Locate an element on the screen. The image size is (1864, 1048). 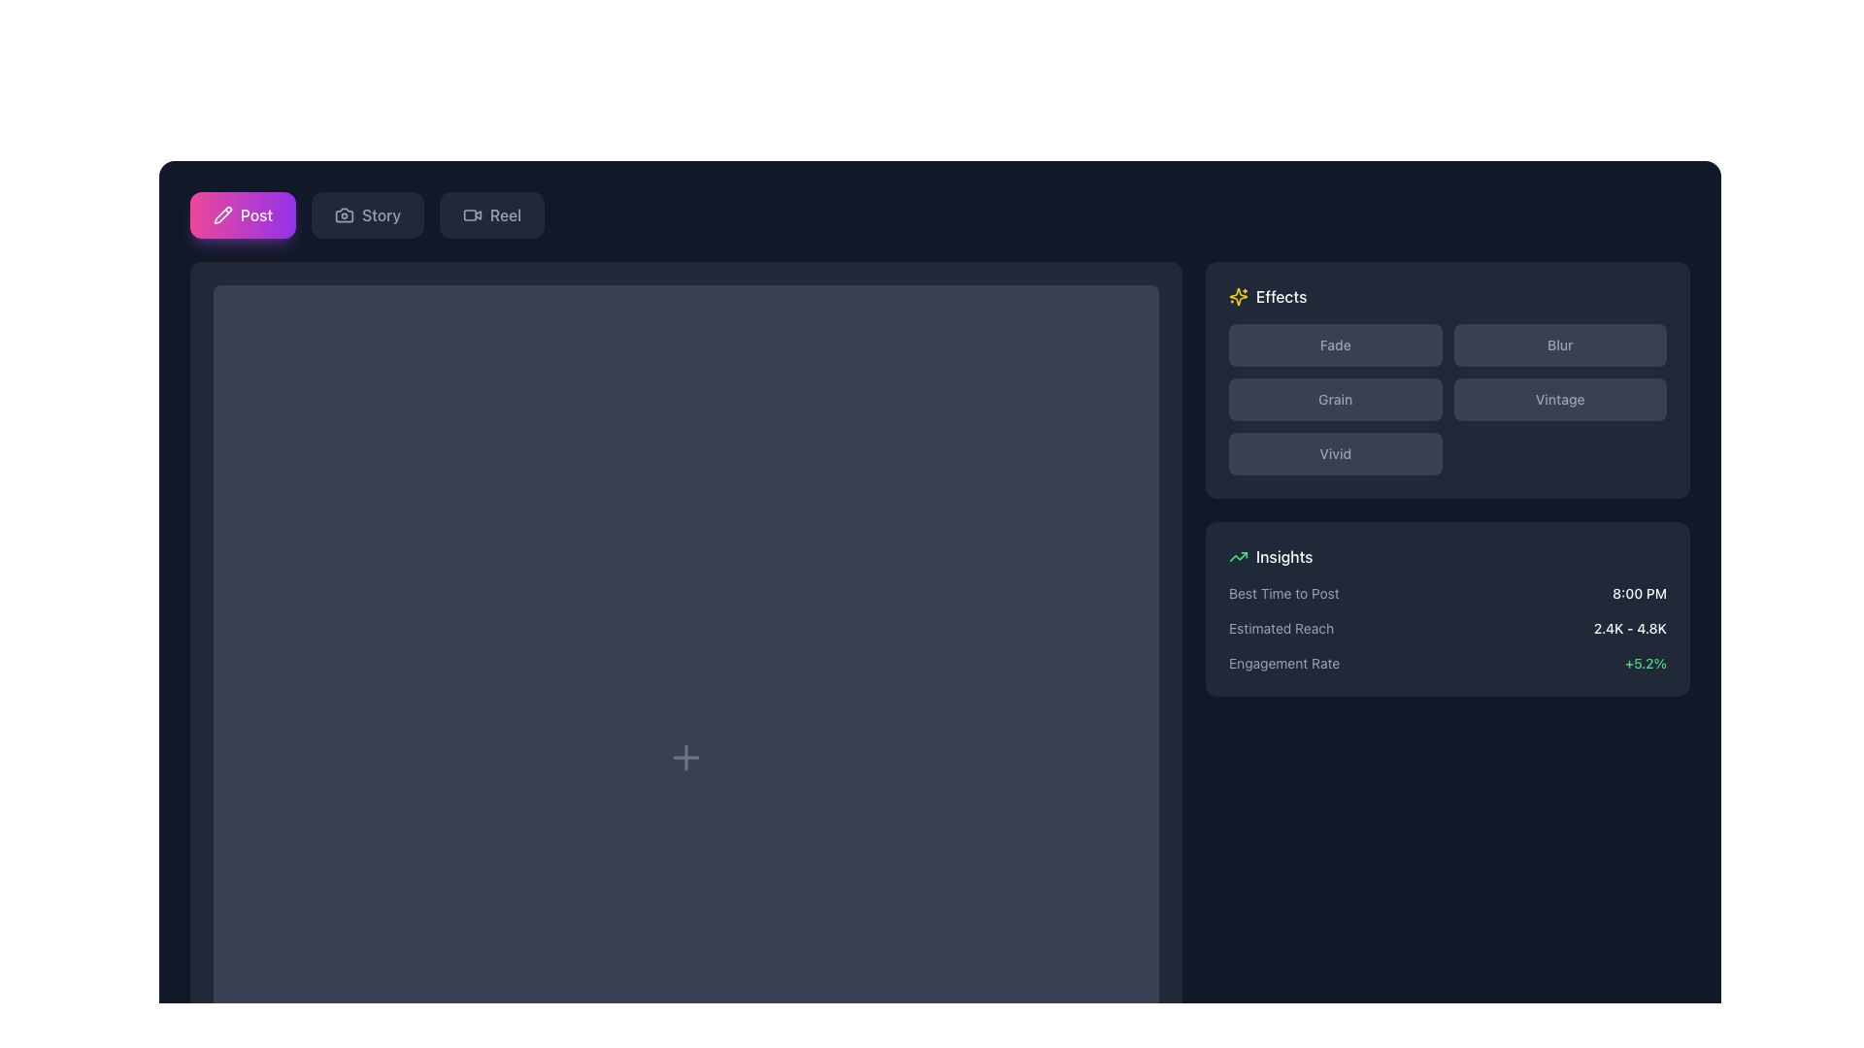
the 'Vivid' effect button located in the bottom-left corner of the 'Effects' grid, which is the fifth button in the layout is located at coordinates (1334, 453).